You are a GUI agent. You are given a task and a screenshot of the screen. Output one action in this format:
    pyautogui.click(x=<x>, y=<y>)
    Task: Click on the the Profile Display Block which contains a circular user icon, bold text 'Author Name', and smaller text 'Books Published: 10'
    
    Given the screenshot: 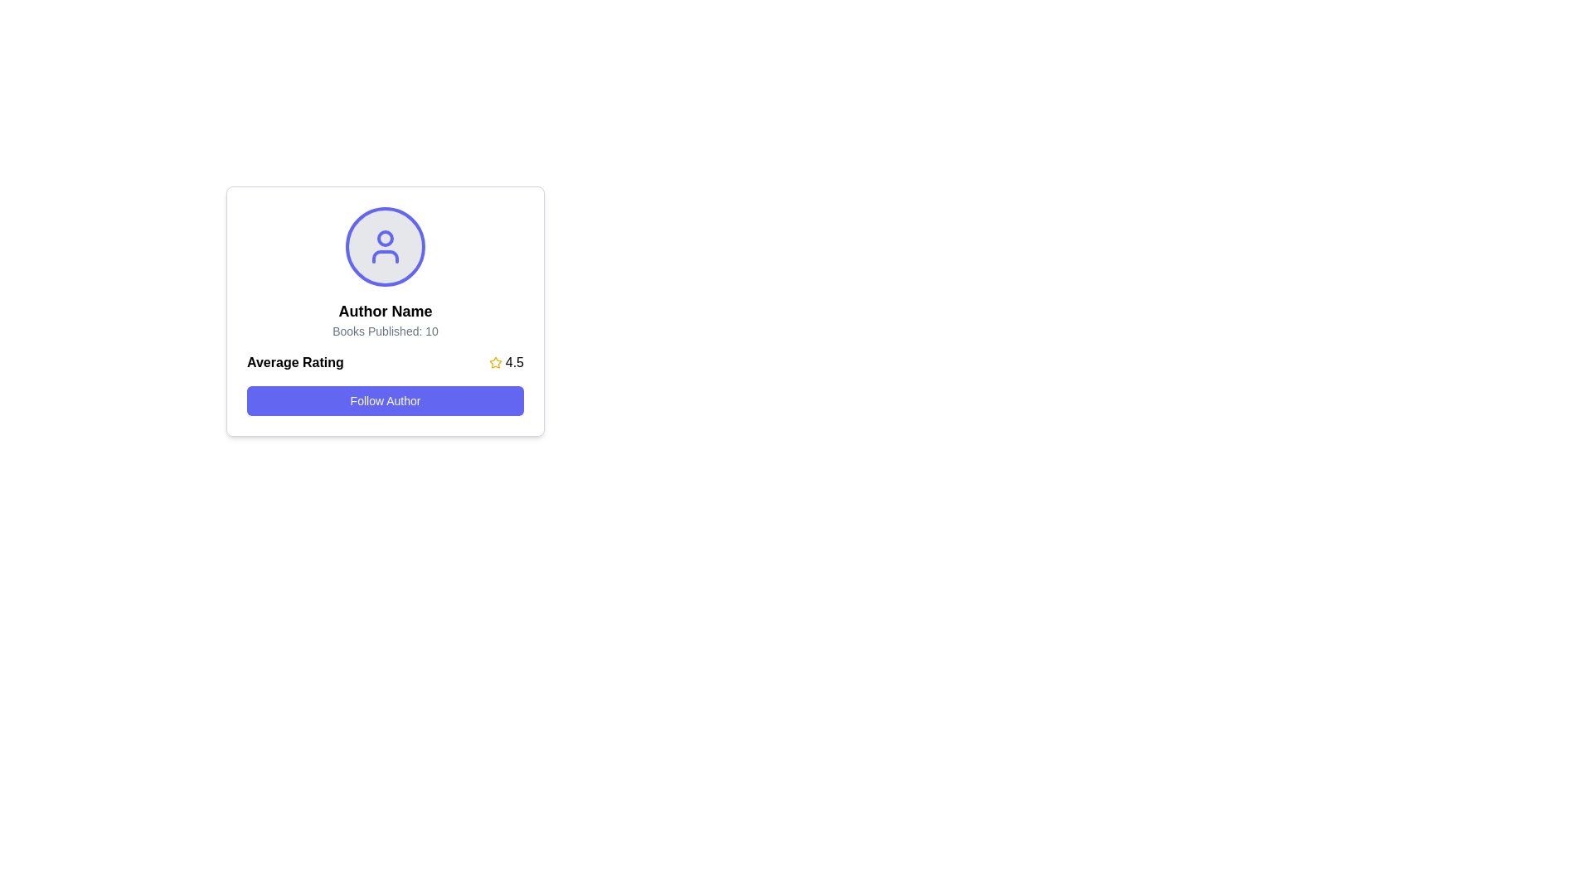 What is the action you would take?
    pyautogui.click(x=385, y=273)
    